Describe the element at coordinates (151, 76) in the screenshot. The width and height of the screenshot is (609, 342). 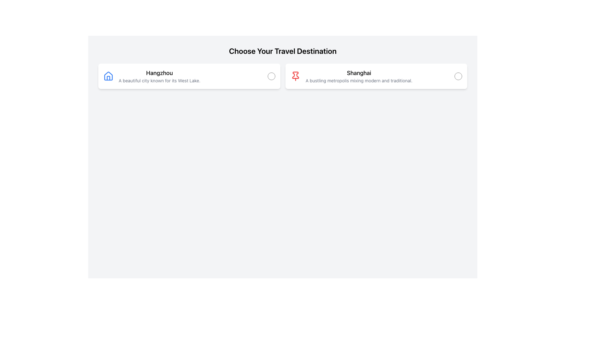
I see `the selectable item representing the travel destination 'Hangzhou' in the left panel of the two-column layout, specifically the first option in the selection list` at that location.